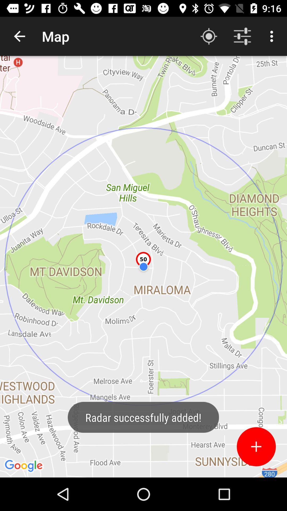 The height and width of the screenshot is (511, 287). What do you see at coordinates (256, 447) in the screenshot?
I see `item at the bottom right corner` at bounding box center [256, 447].